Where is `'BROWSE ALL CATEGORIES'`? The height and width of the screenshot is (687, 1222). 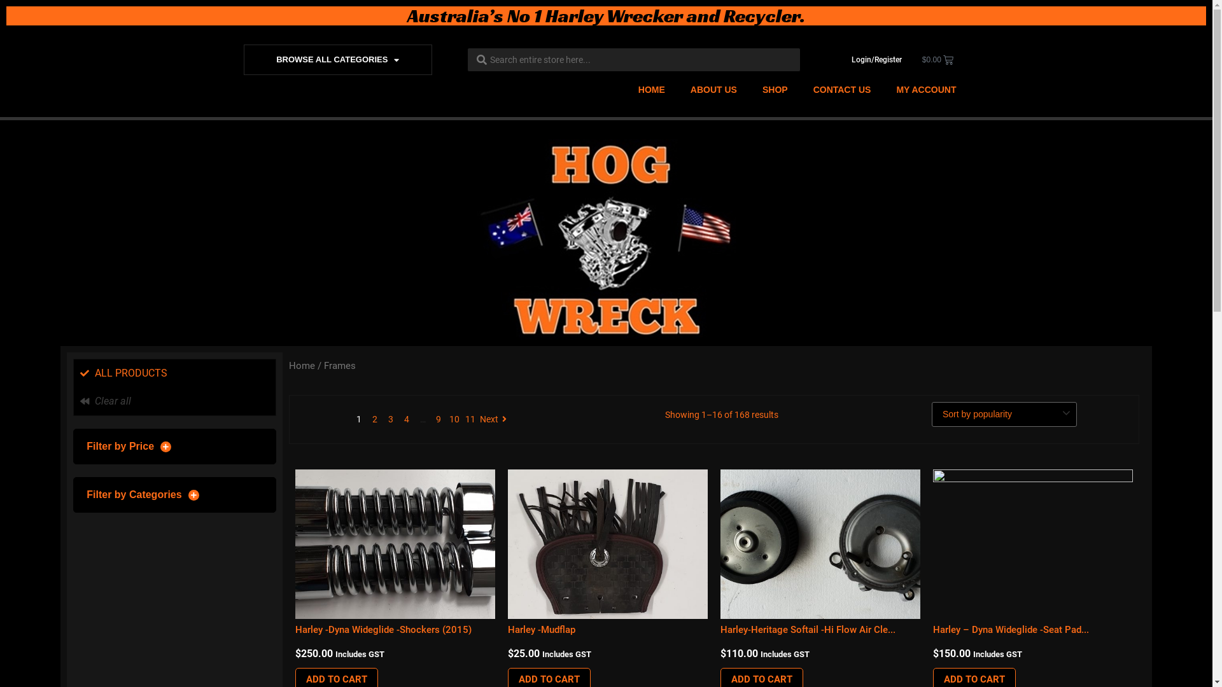 'BROWSE ALL CATEGORIES' is located at coordinates (338, 59).